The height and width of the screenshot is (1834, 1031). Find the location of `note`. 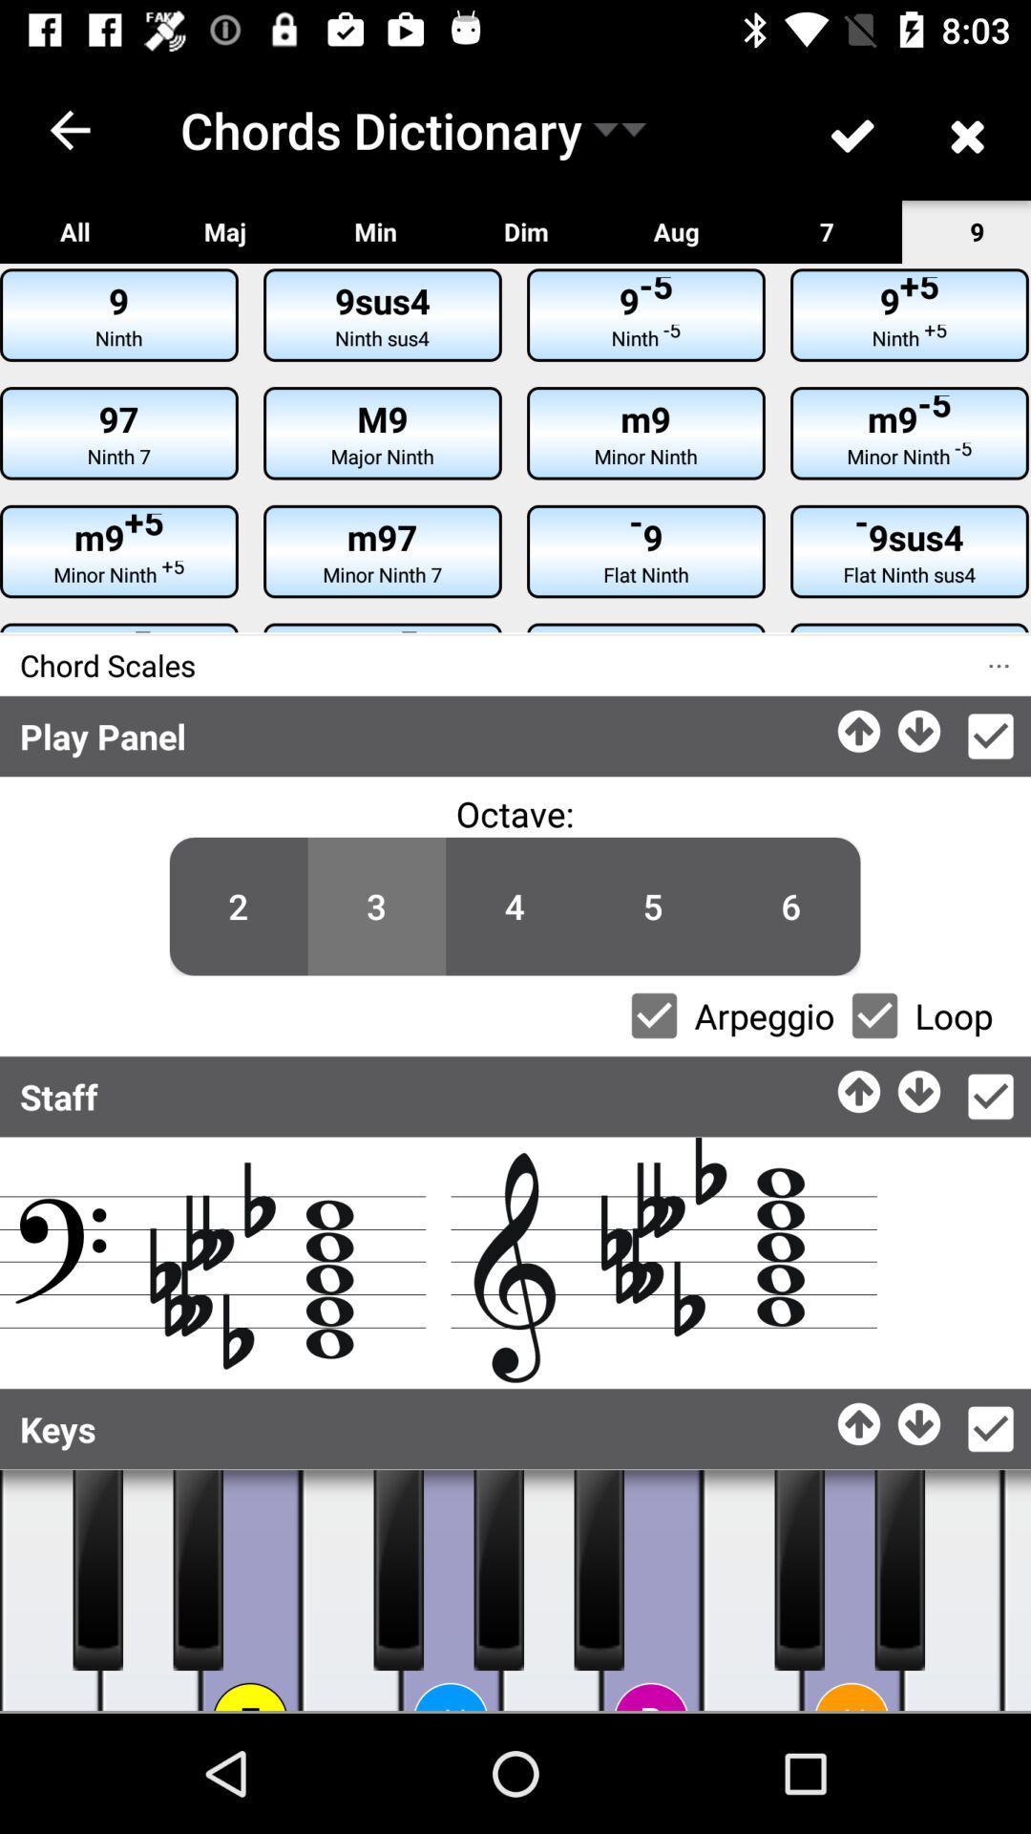

note is located at coordinates (350, 1590).